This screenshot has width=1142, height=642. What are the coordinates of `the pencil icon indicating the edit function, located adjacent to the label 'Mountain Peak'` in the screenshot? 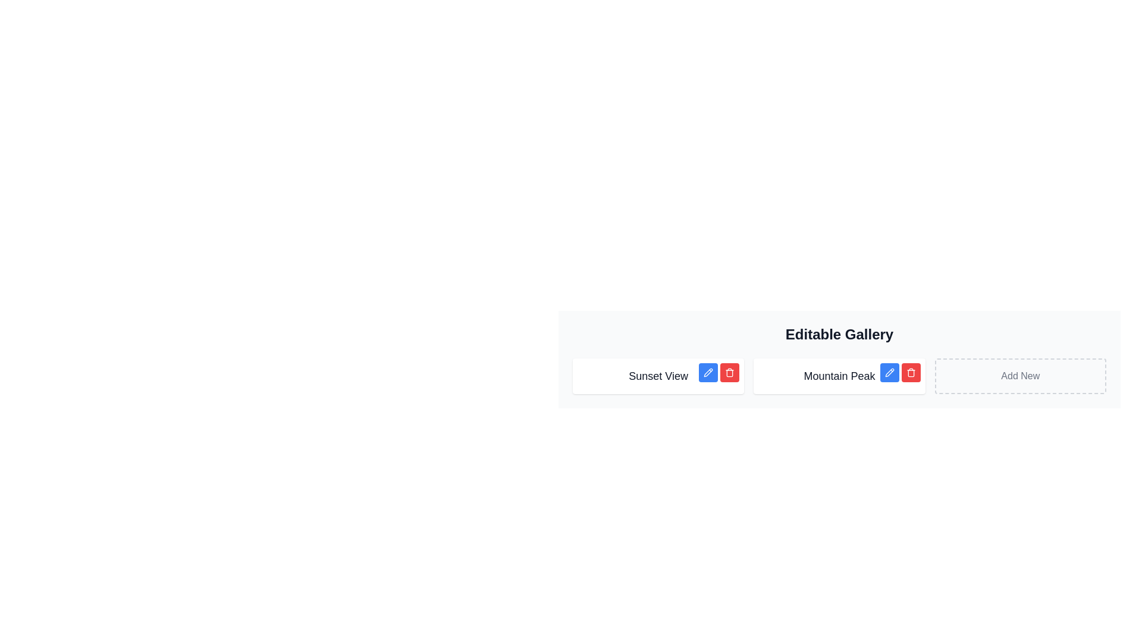 It's located at (708, 372).